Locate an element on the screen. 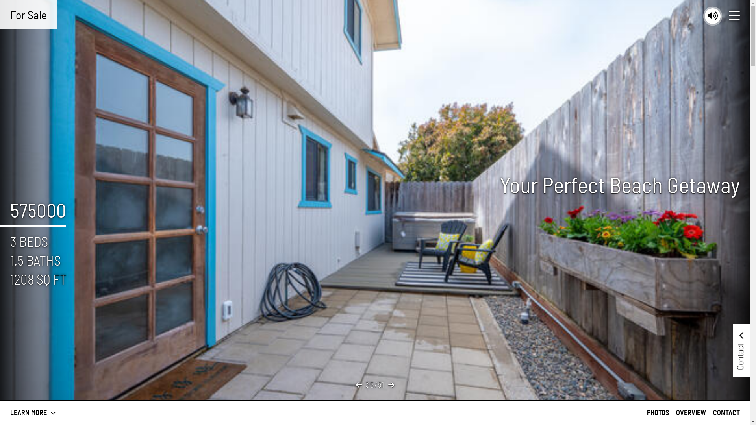 The image size is (756, 425). 'PHOTOS' is located at coordinates (658, 412).